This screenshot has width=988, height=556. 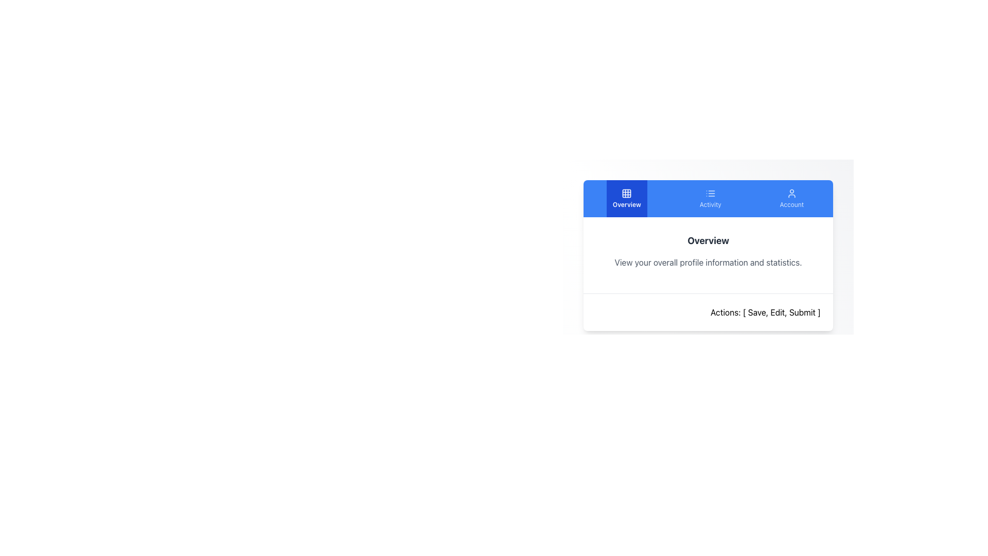 What do you see at coordinates (710, 193) in the screenshot?
I see `three-line list icon located at the top section of the blue 'Activity' button, which is the second button from the left in a row of three buttons in the user interface panel` at bounding box center [710, 193].